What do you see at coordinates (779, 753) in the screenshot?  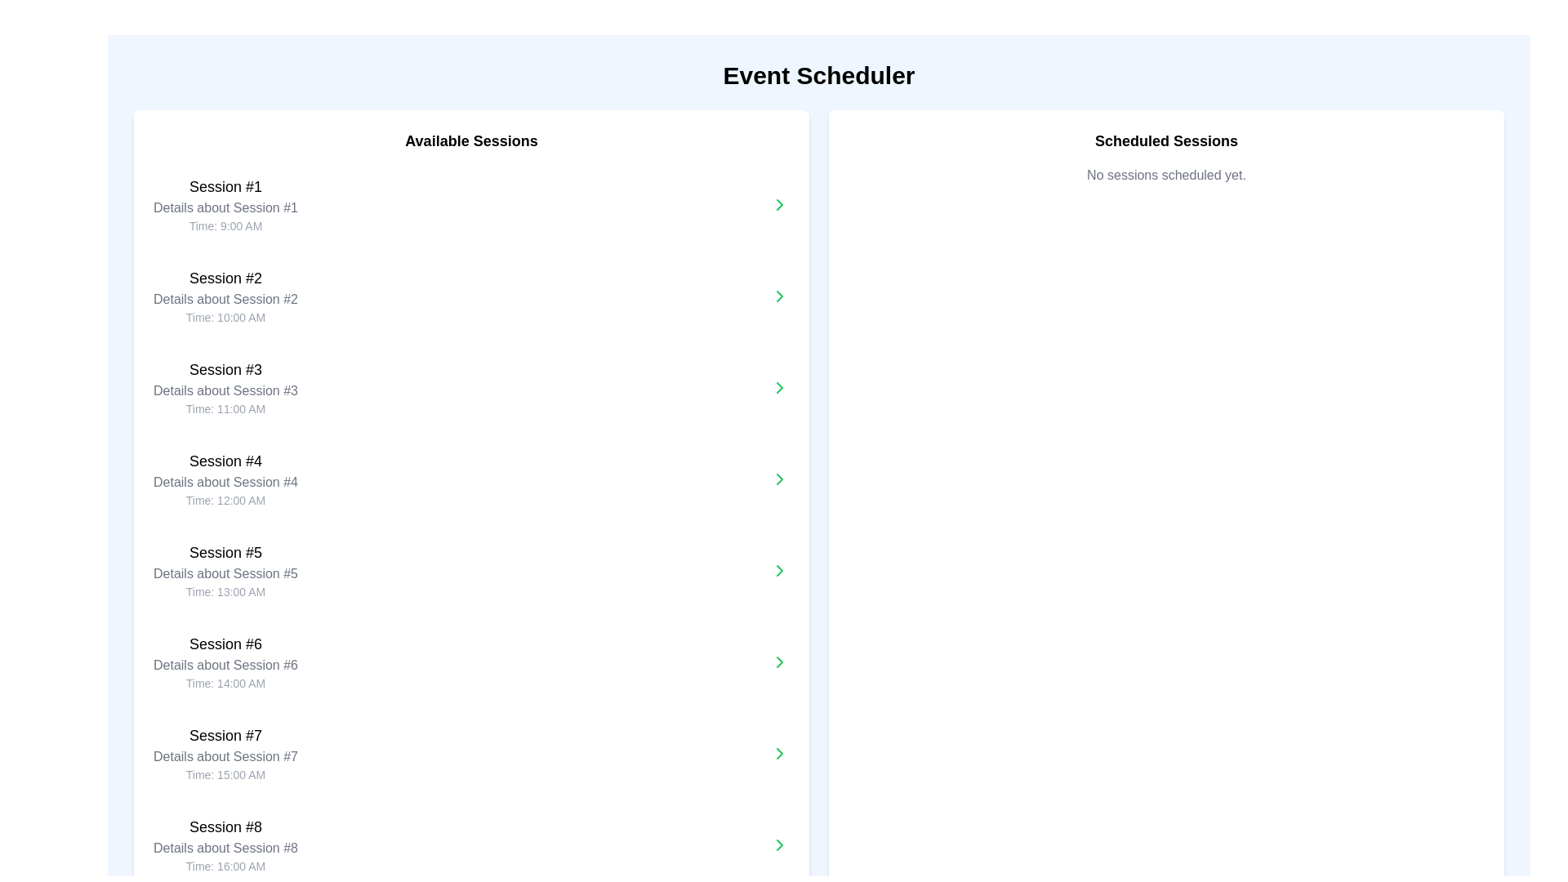 I see `the rightward chevron navigation icon associated with 'Session #7'` at bounding box center [779, 753].